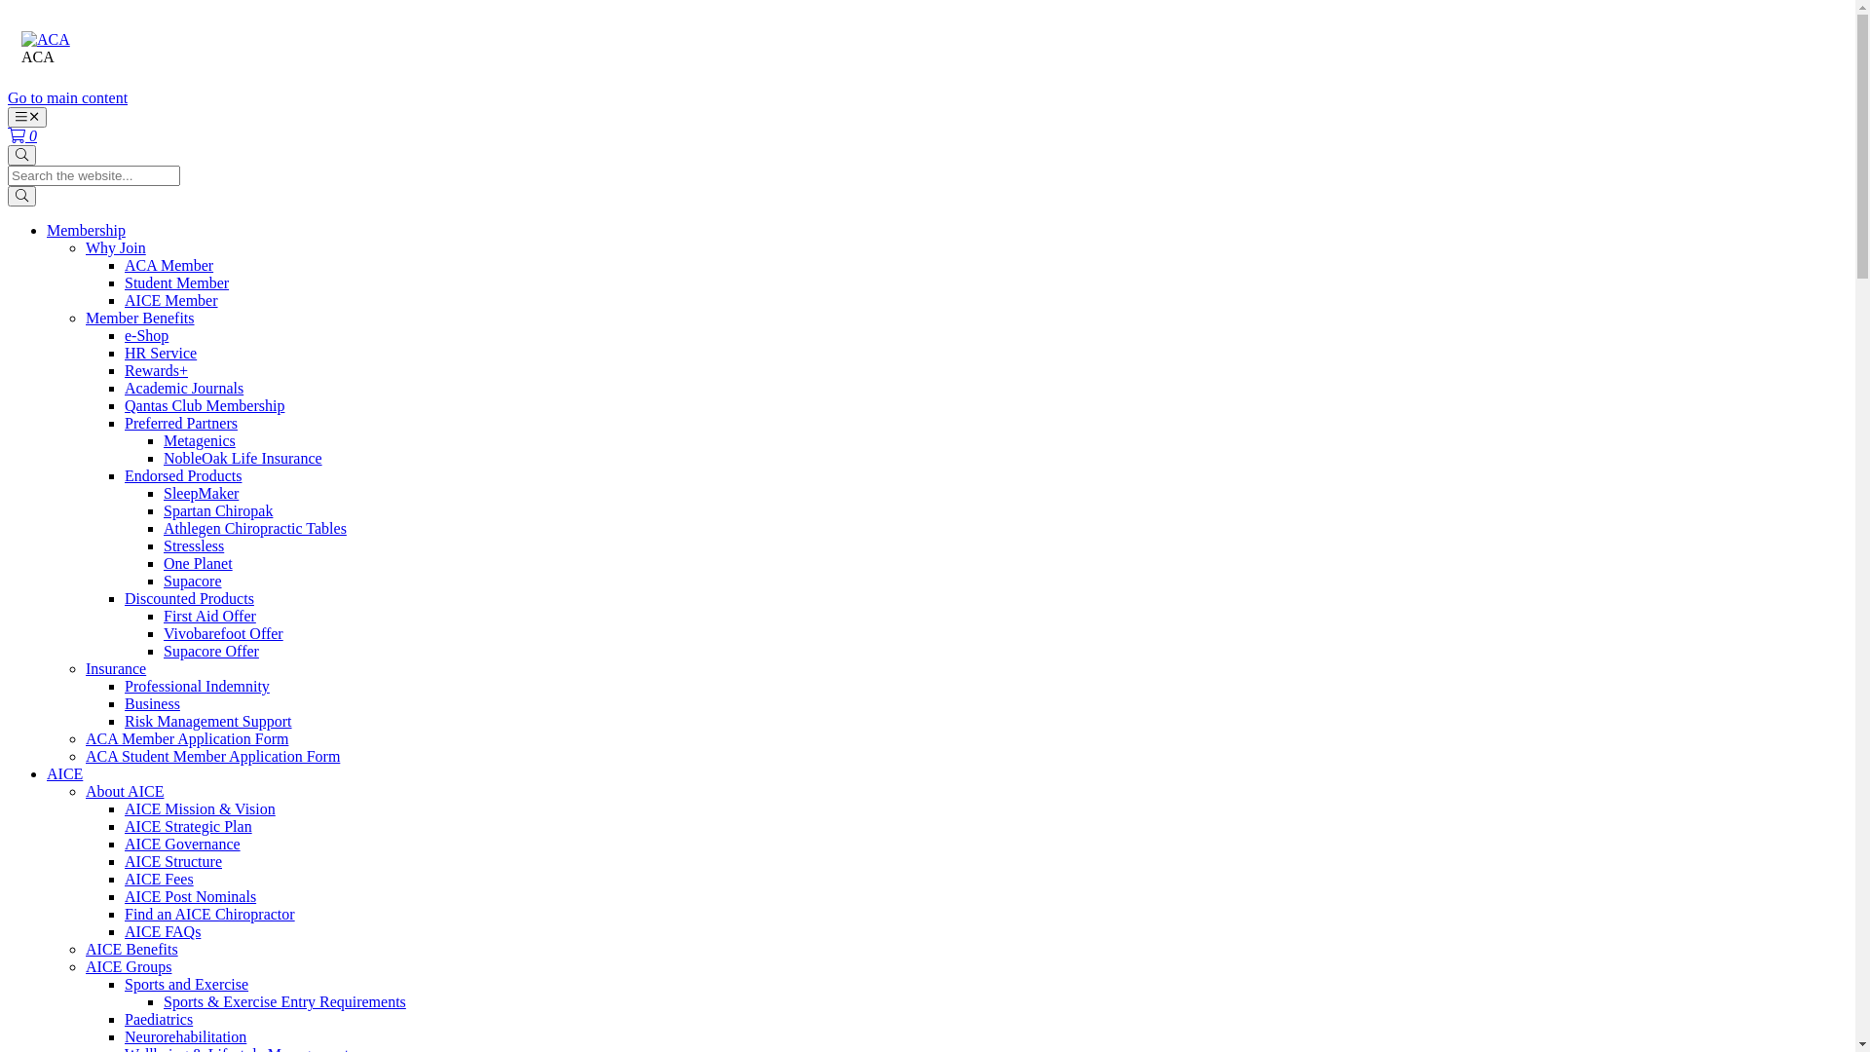 The height and width of the screenshot is (1052, 1870). Describe the element at coordinates (85, 229) in the screenshot. I see `'Membership'` at that location.